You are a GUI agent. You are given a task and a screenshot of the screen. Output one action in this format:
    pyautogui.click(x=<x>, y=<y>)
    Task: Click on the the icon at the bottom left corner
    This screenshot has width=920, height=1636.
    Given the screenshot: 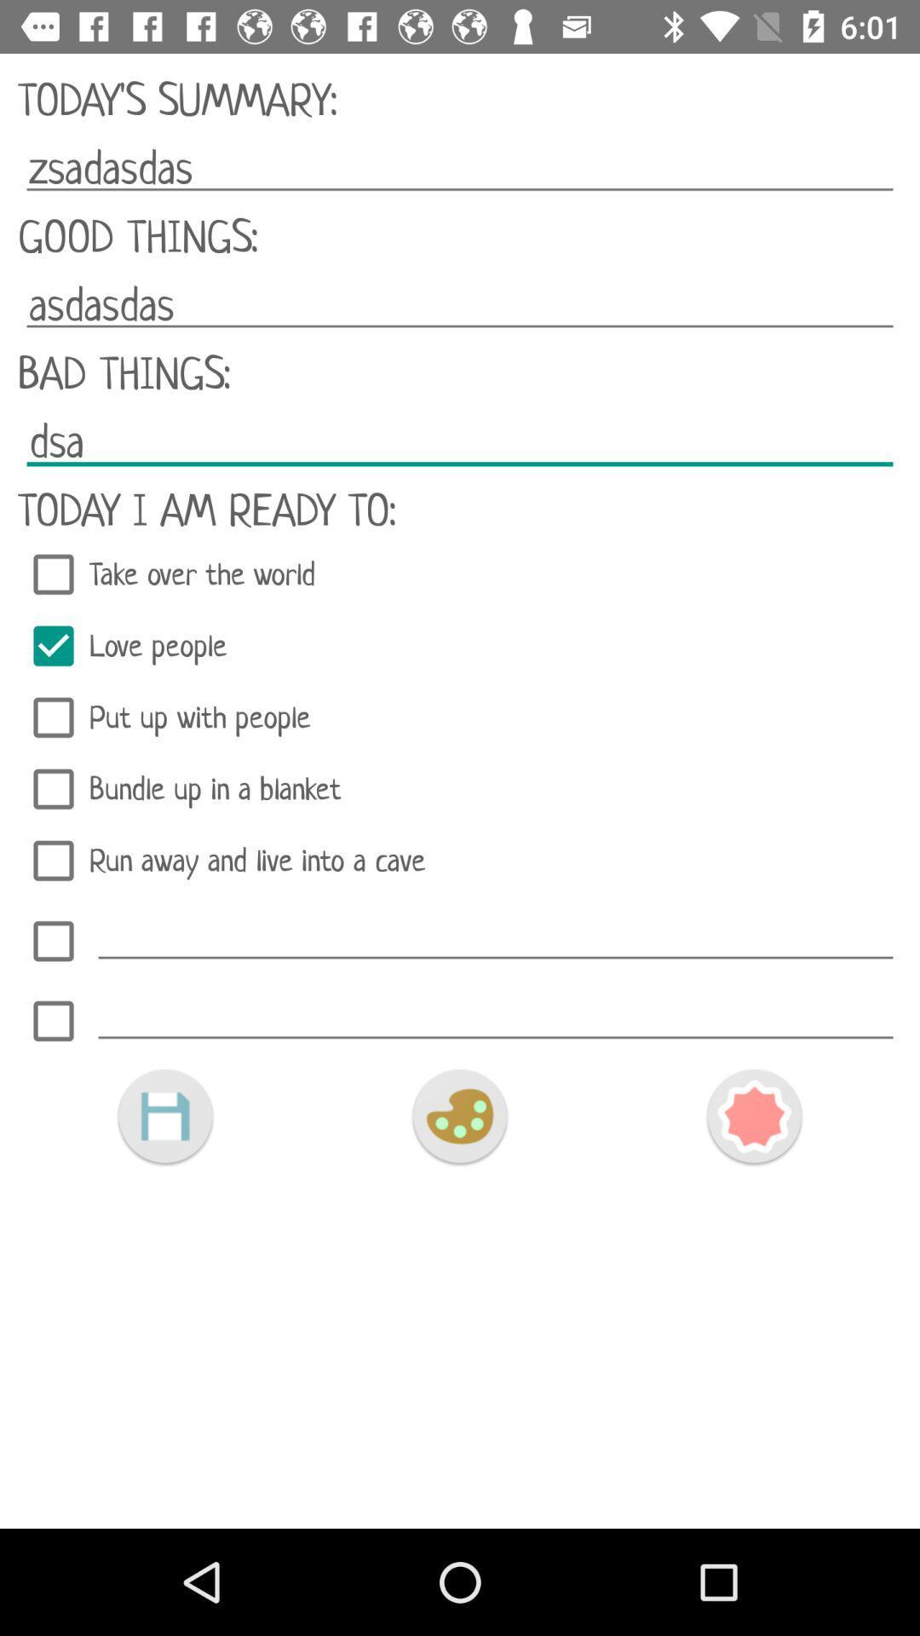 What is the action you would take?
    pyautogui.click(x=164, y=1116)
    